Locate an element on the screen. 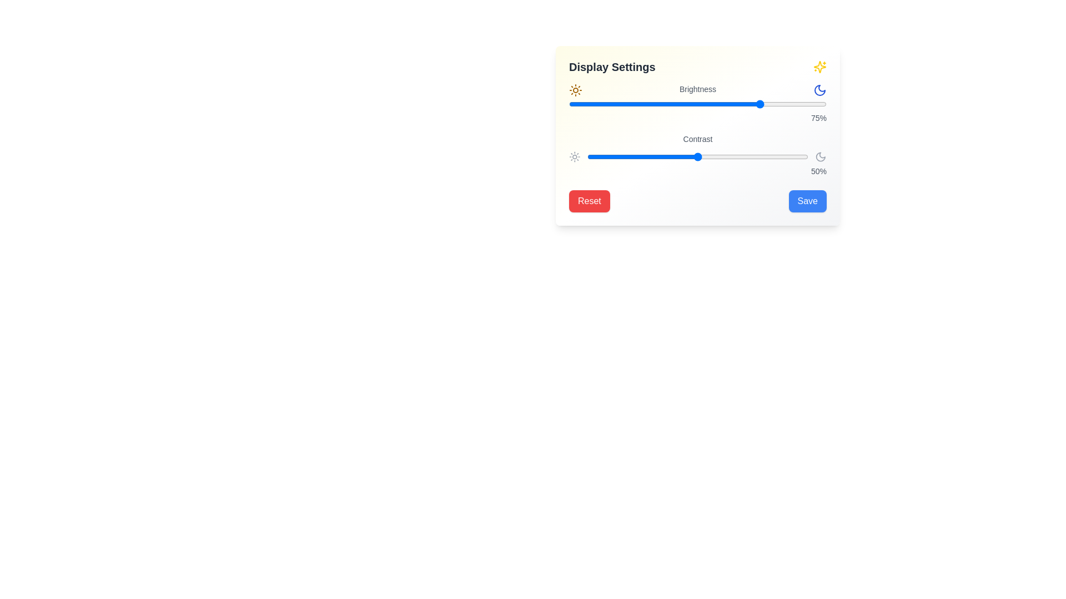  contrast is located at coordinates (722, 156).